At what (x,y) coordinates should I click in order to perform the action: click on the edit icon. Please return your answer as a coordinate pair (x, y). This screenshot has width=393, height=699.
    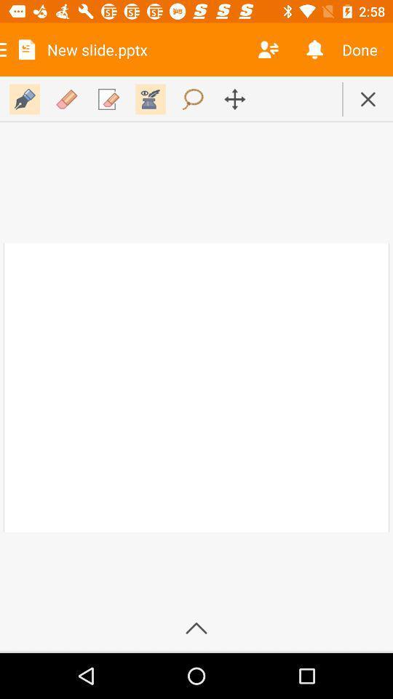
    Looking at the image, I should click on (108, 98).